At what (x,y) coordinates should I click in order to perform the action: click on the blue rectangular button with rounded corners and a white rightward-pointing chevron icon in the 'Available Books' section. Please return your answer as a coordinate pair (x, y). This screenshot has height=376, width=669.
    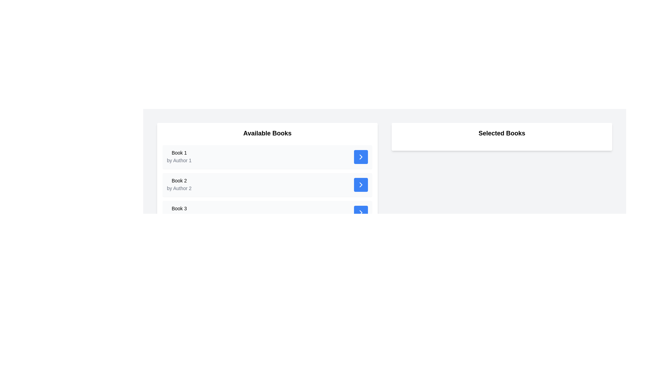
    Looking at the image, I should click on (361, 212).